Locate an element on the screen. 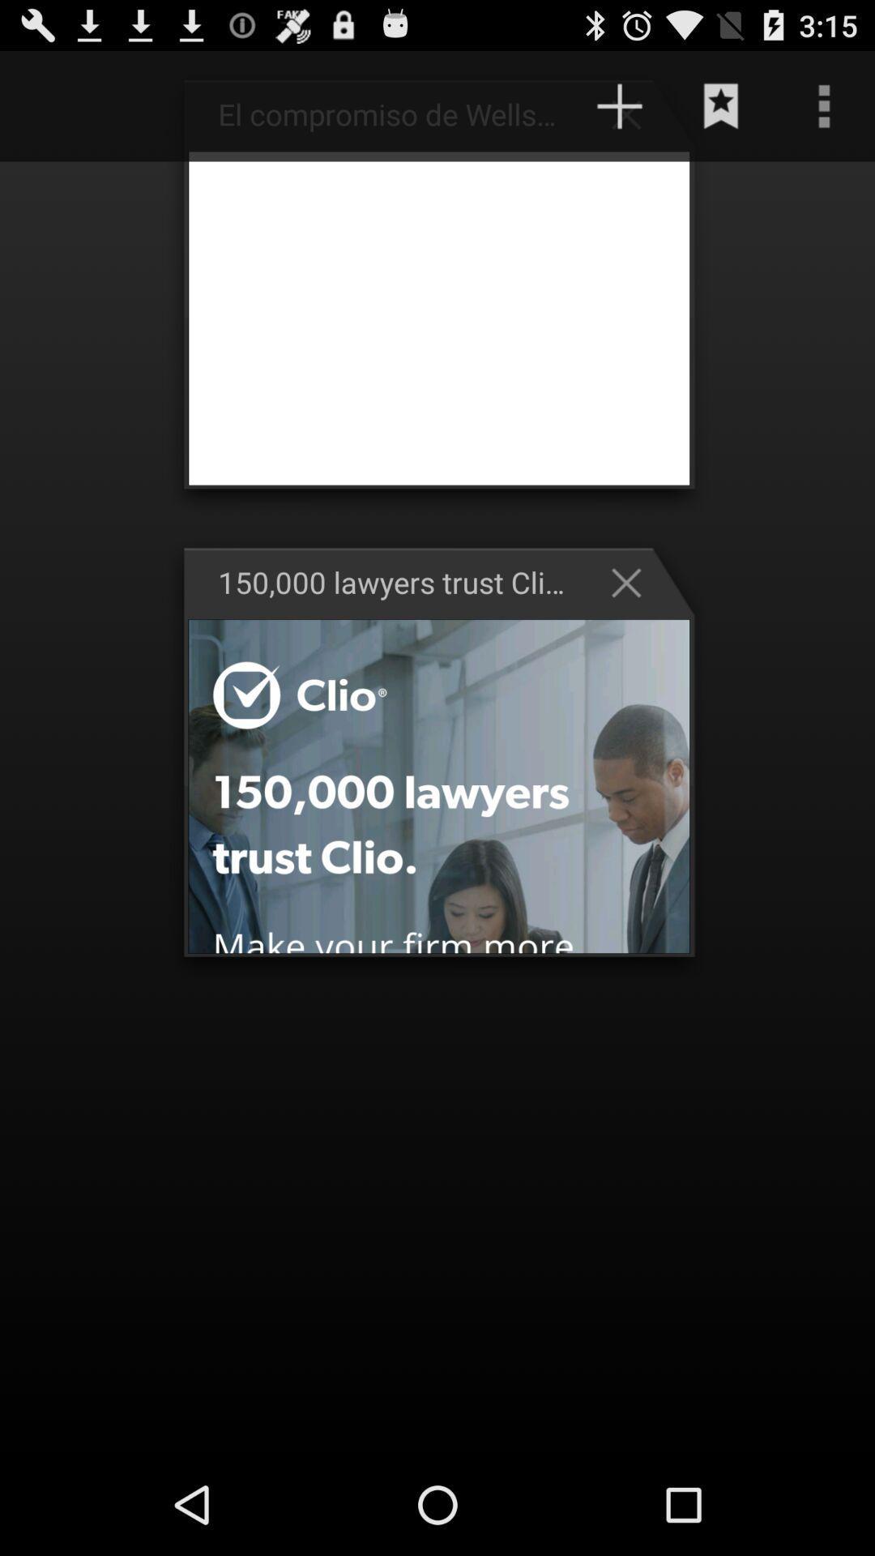 The image size is (875, 1556). the bookmark icon on the top right corner of the web page is located at coordinates (721, 105).